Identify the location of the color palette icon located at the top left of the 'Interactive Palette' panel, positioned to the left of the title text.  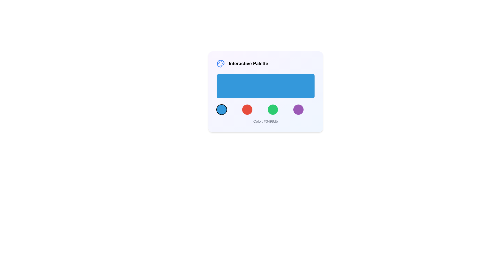
(220, 63).